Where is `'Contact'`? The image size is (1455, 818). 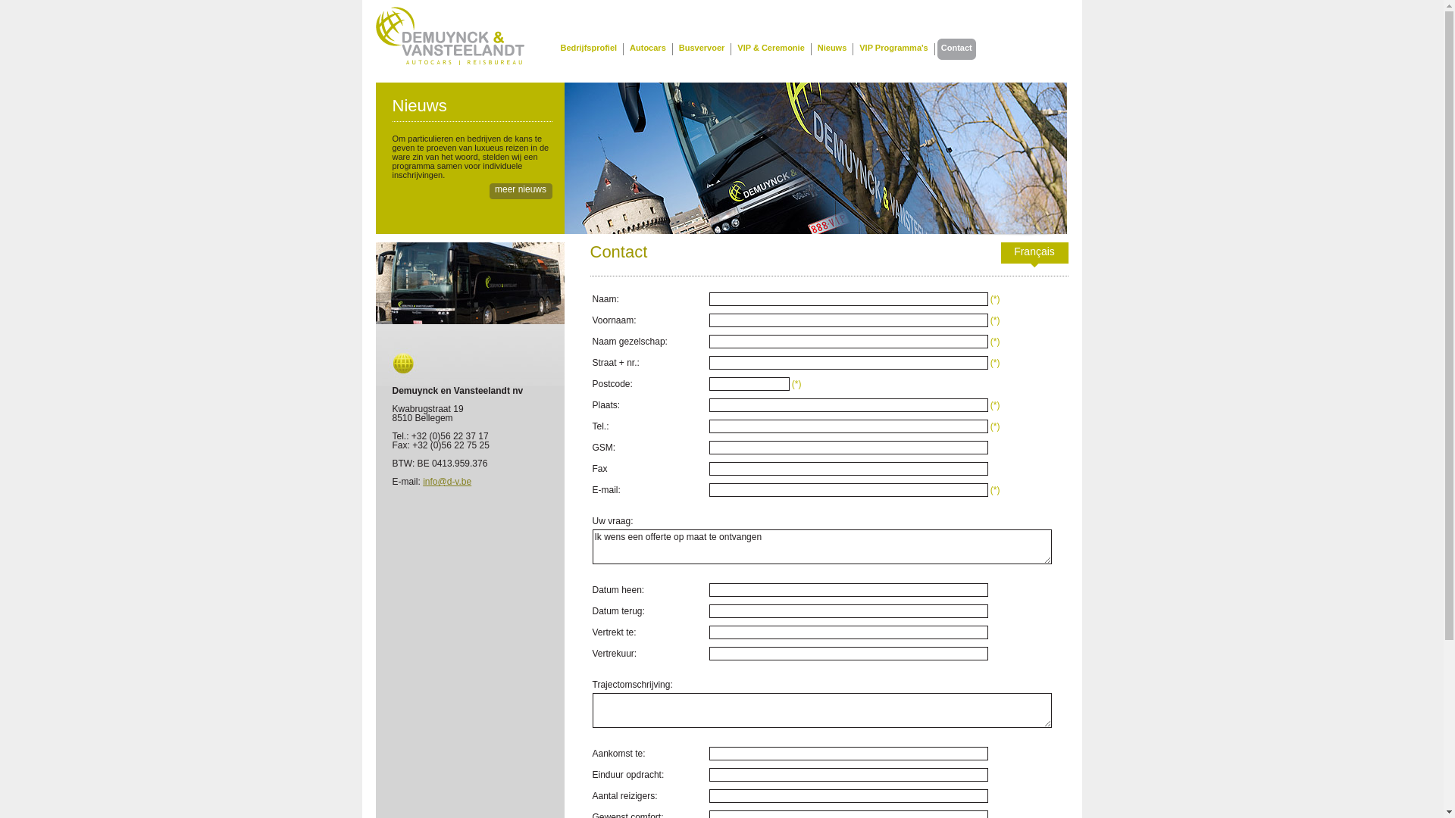 'Contact' is located at coordinates (956, 48).